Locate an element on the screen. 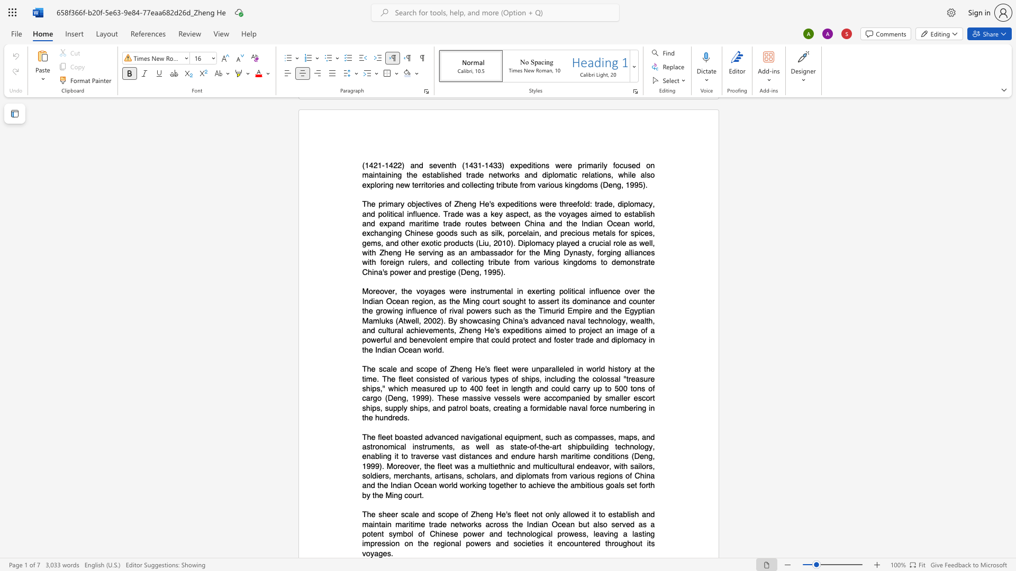 This screenshot has width=1016, height=571. the subset text "s voyages" within the text "throughout its voyages." is located at coordinates (650, 544).